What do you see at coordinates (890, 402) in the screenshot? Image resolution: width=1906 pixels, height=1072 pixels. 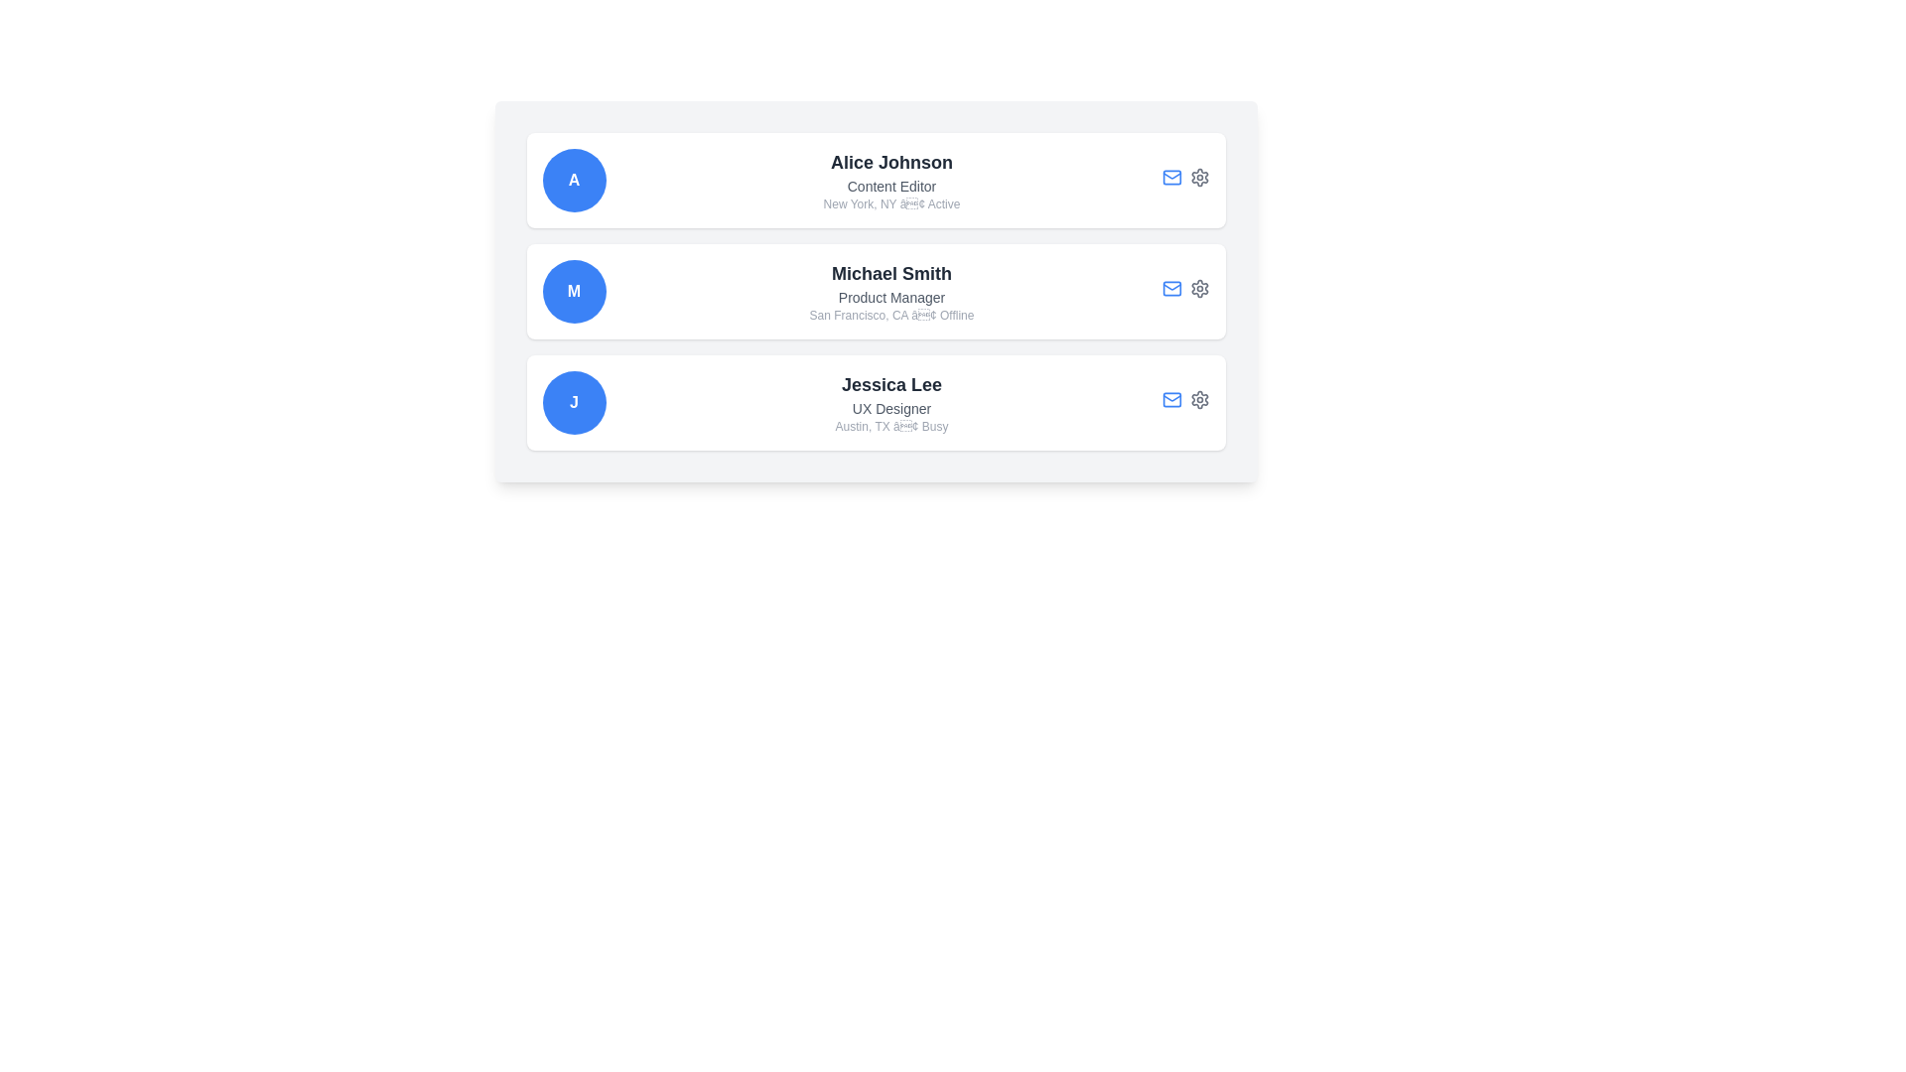 I see `the Text Content Block that contains the name 'Jessica Lee', the title 'UX Designer', and the location 'Austin, TX Busy', located in the third card of a vertical list` at bounding box center [890, 402].